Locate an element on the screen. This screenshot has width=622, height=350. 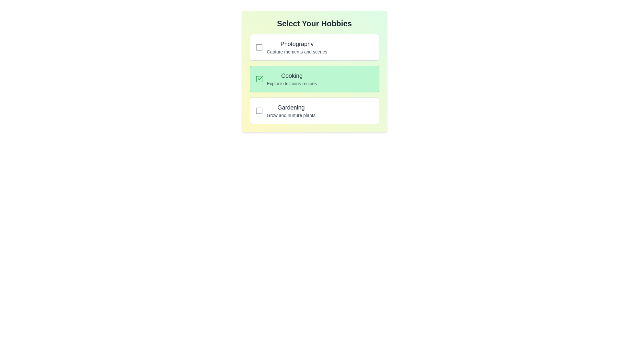
the descriptive text label located below the 'Gardening' label in the third selectable box of the 'Select Your Hobbies' form is located at coordinates (291, 115).